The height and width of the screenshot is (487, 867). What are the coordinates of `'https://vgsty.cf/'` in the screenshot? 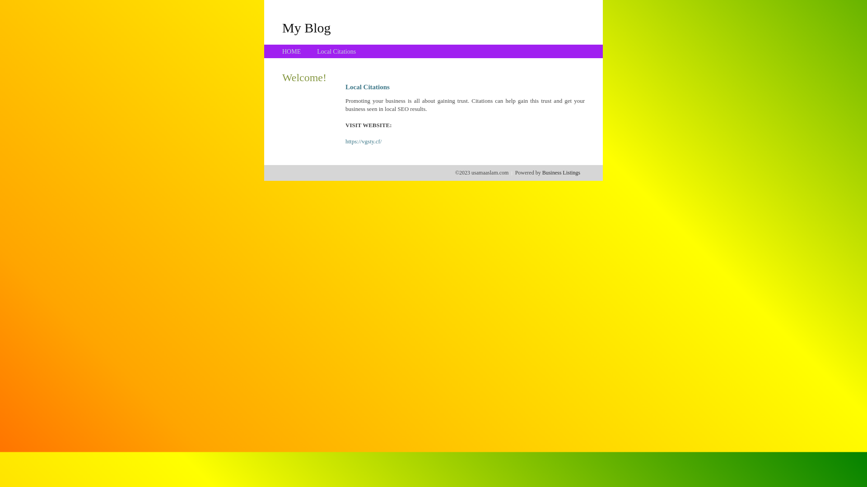 It's located at (364, 141).